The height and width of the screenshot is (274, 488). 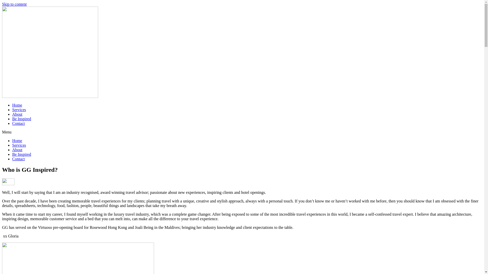 What do you see at coordinates (17, 141) in the screenshot?
I see `'Home'` at bounding box center [17, 141].